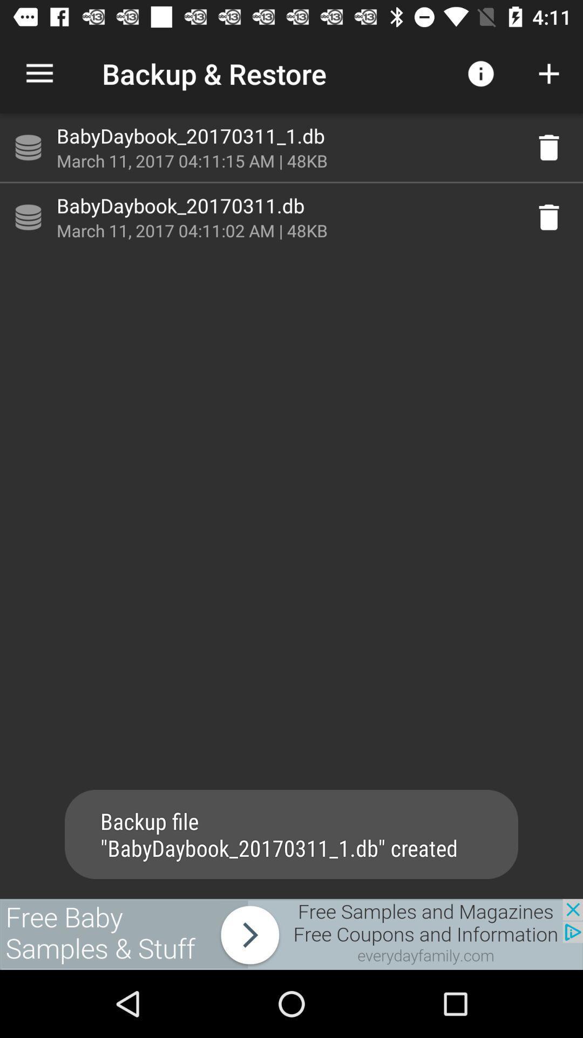 Image resolution: width=583 pixels, height=1038 pixels. Describe the element at coordinates (549, 147) in the screenshot. I see `delete the babydaybook_20170311_1.db file` at that location.